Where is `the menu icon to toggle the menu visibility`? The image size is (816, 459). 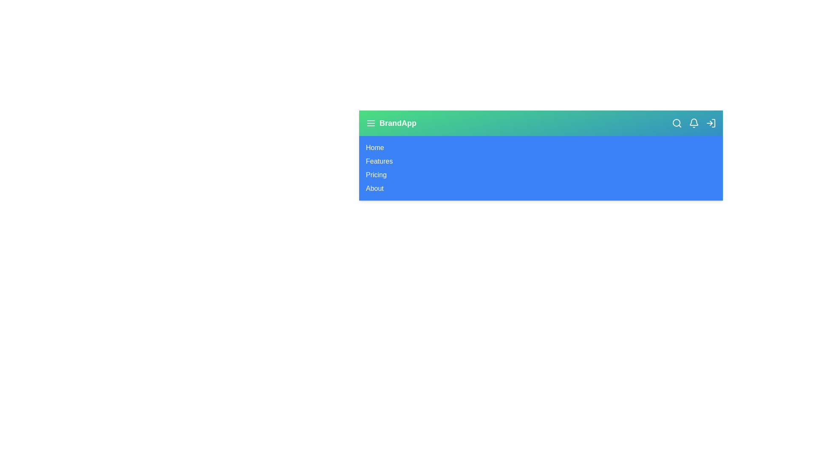 the menu icon to toggle the menu visibility is located at coordinates (371, 123).